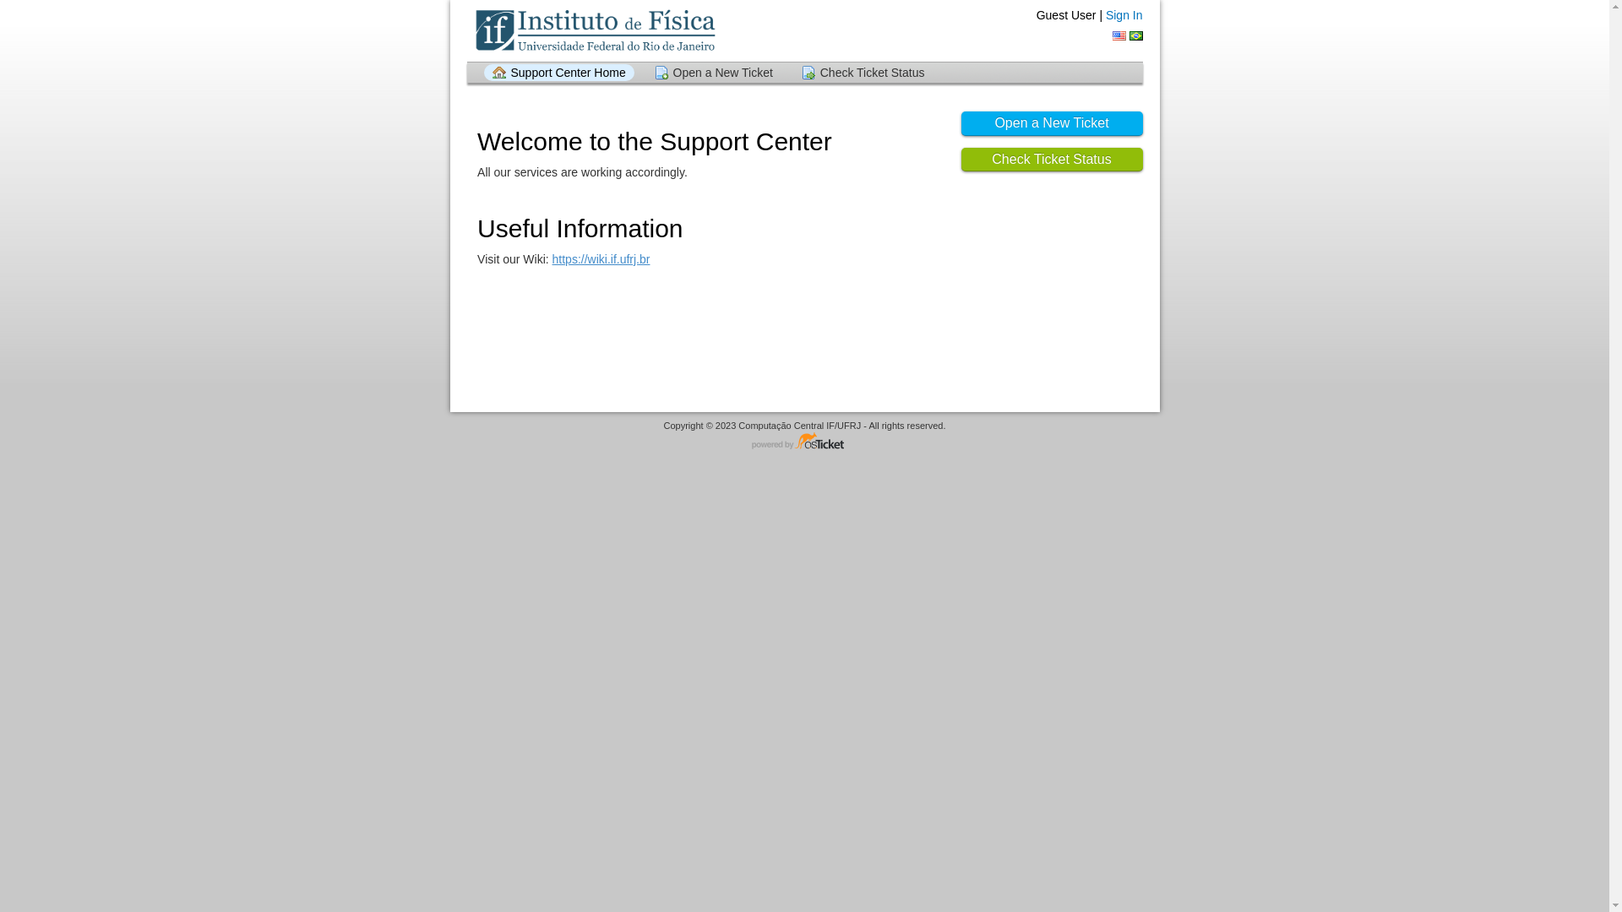 The height and width of the screenshot is (912, 1622). What do you see at coordinates (804, 441) in the screenshot?
I see `'Helpdesk software - powered by osTicket'` at bounding box center [804, 441].